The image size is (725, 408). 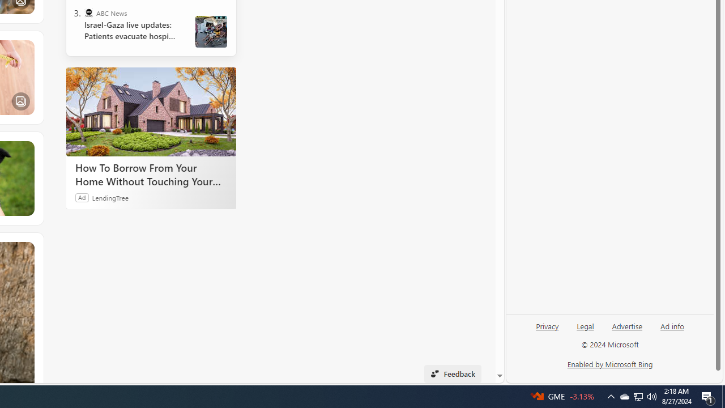 What do you see at coordinates (548, 330) in the screenshot?
I see `'Privacy'` at bounding box center [548, 330].